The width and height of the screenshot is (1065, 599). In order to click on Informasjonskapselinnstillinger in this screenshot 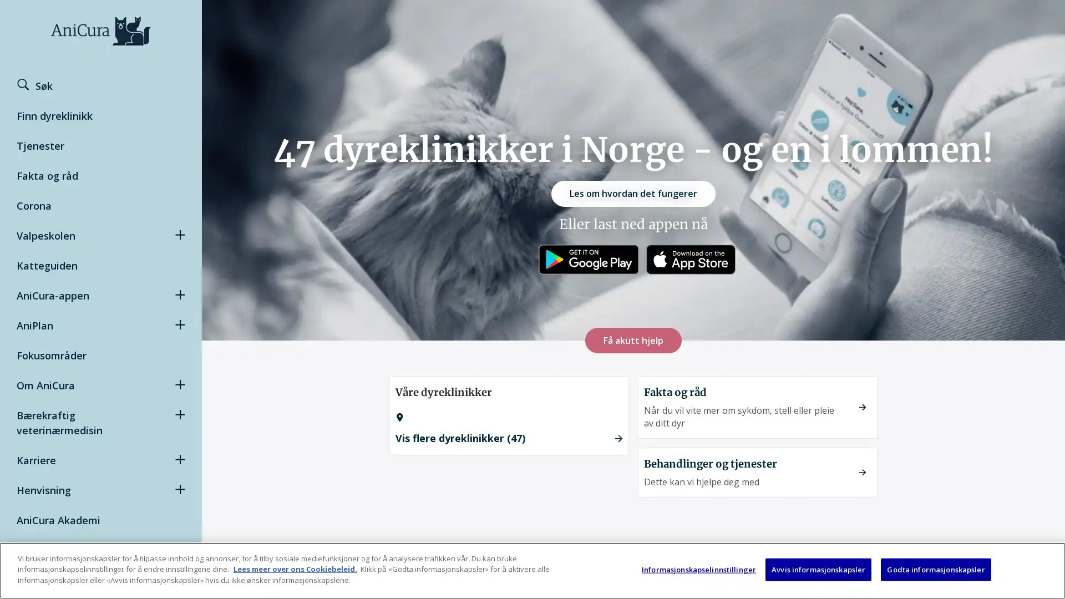, I will do `click(698, 569)`.